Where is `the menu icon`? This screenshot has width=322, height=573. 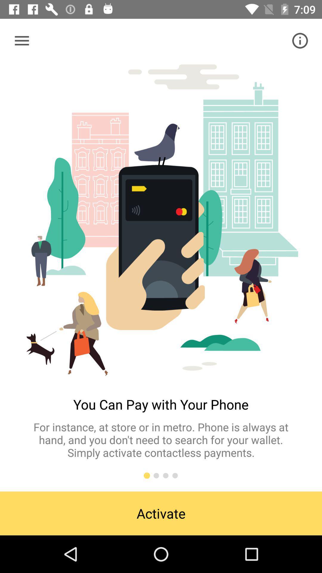
the menu icon is located at coordinates (21, 40).